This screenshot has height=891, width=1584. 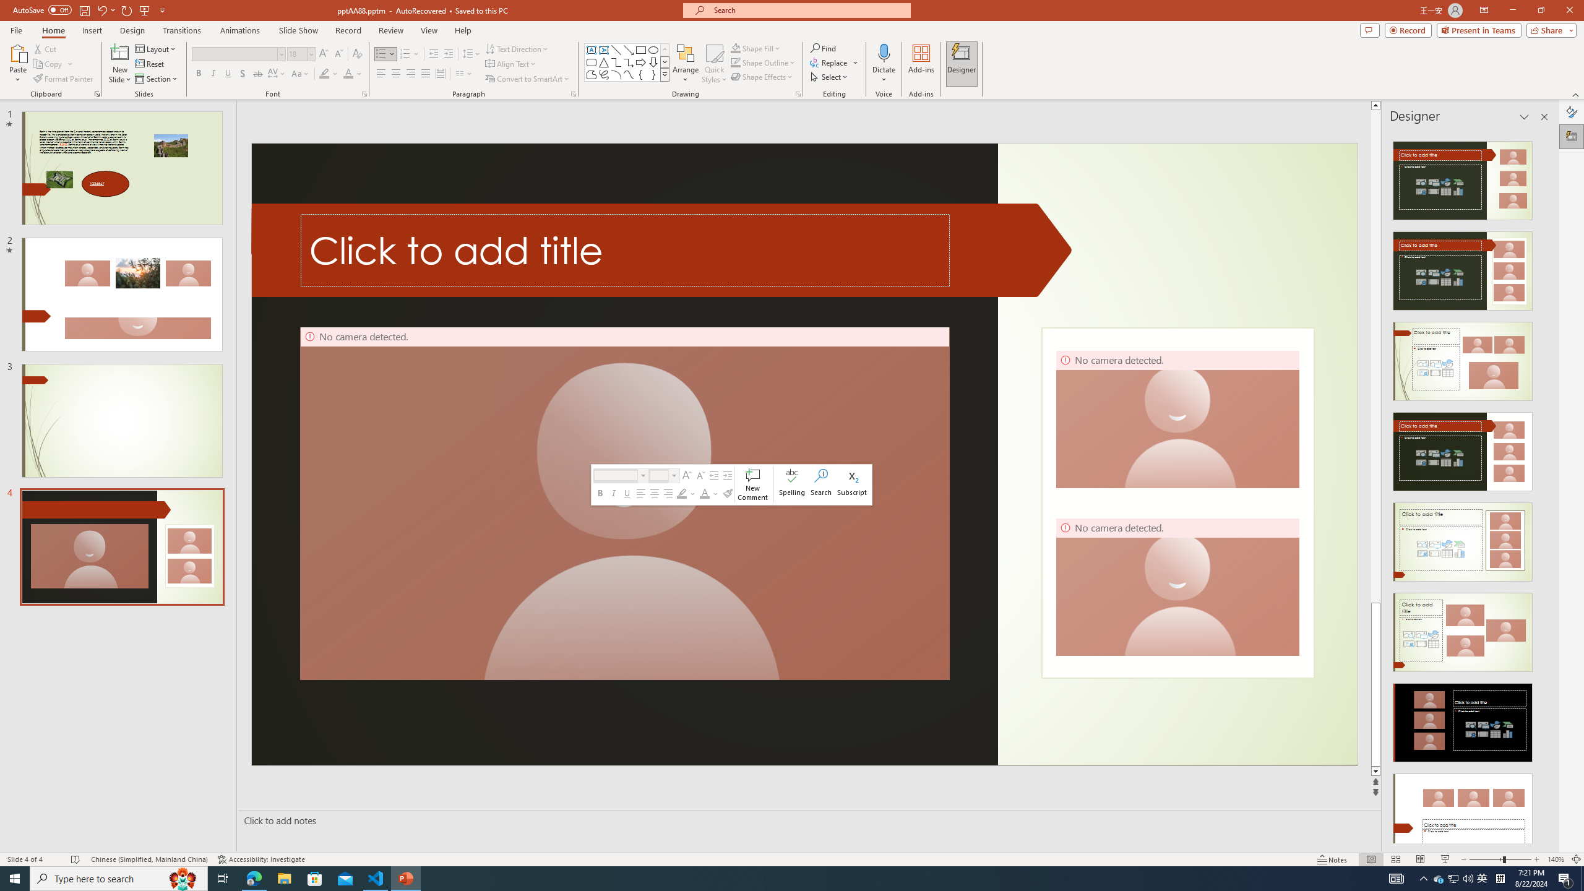 I want to click on 'Zoom 140%', so click(x=1556, y=859).